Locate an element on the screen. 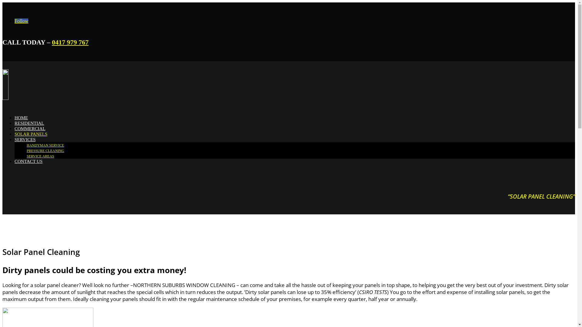 The image size is (582, 327). 'PRESSURE CLEANING' is located at coordinates (45, 150).